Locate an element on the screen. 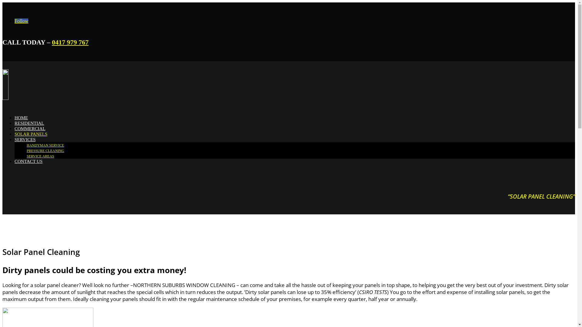 The image size is (582, 327). 'PRESSURE CLEANING' is located at coordinates (45, 150).